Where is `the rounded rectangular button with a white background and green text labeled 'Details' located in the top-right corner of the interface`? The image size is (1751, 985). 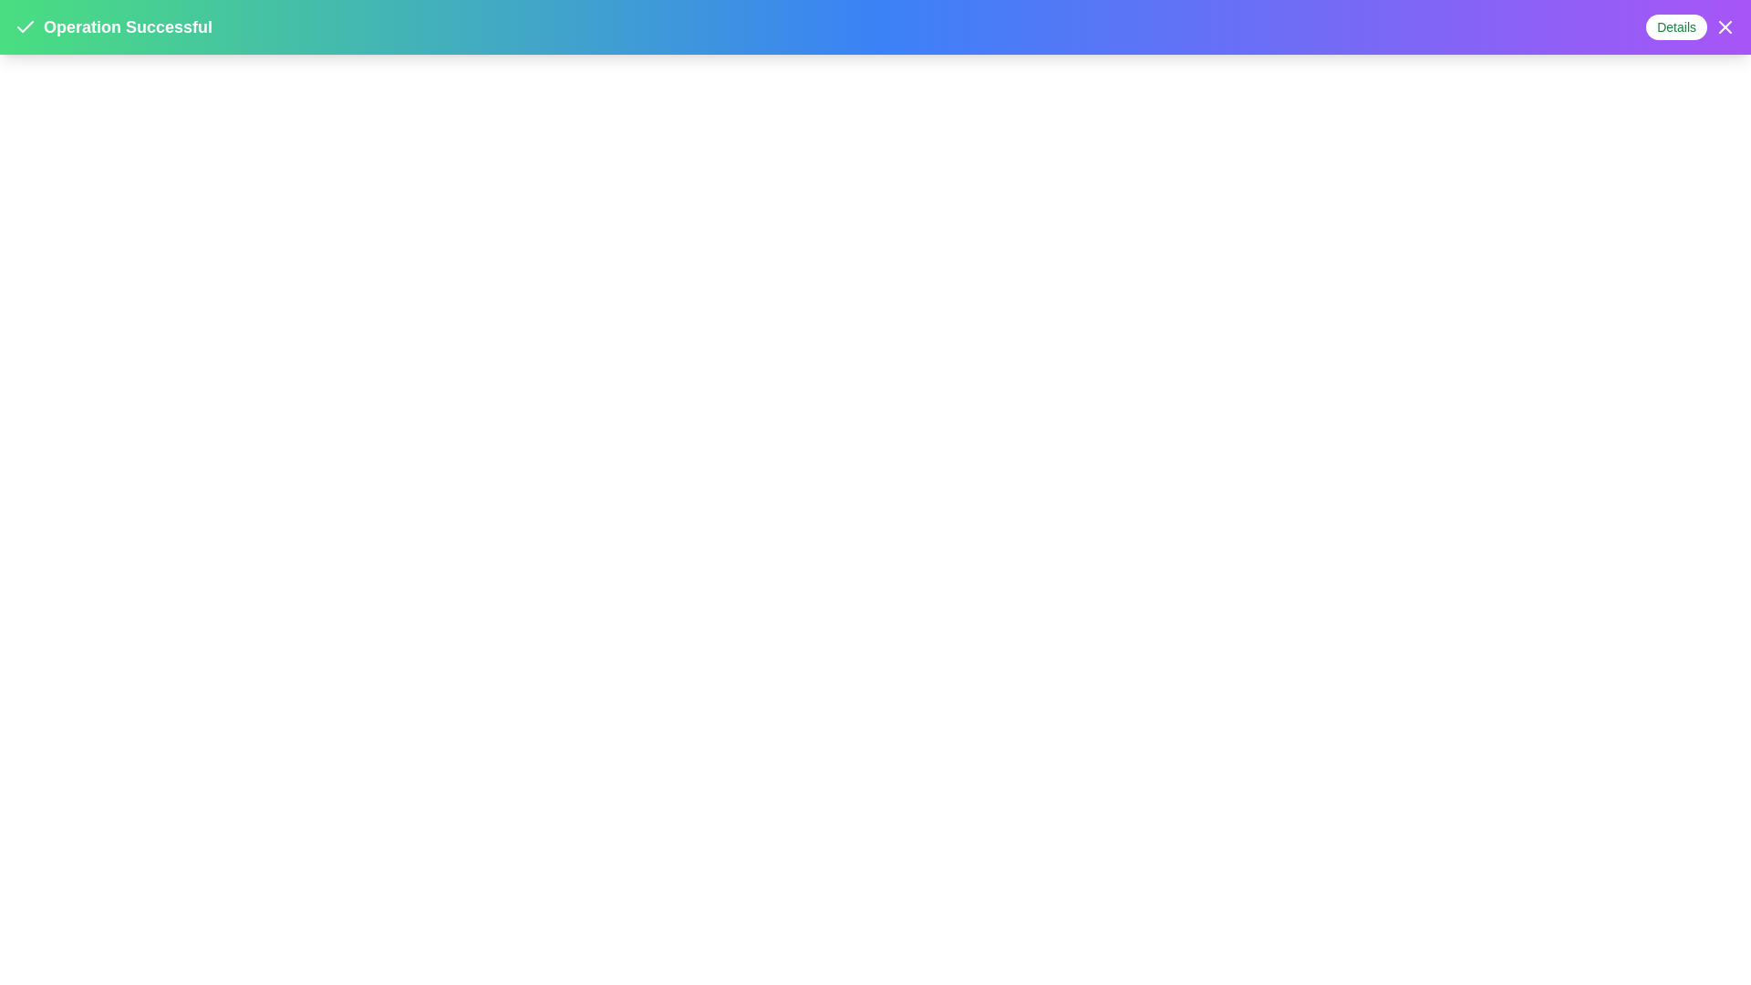 the rounded rectangular button with a white background and green text labeled 'Details' located in the top-right corner of the interface is located at coordinates (1676, 27).